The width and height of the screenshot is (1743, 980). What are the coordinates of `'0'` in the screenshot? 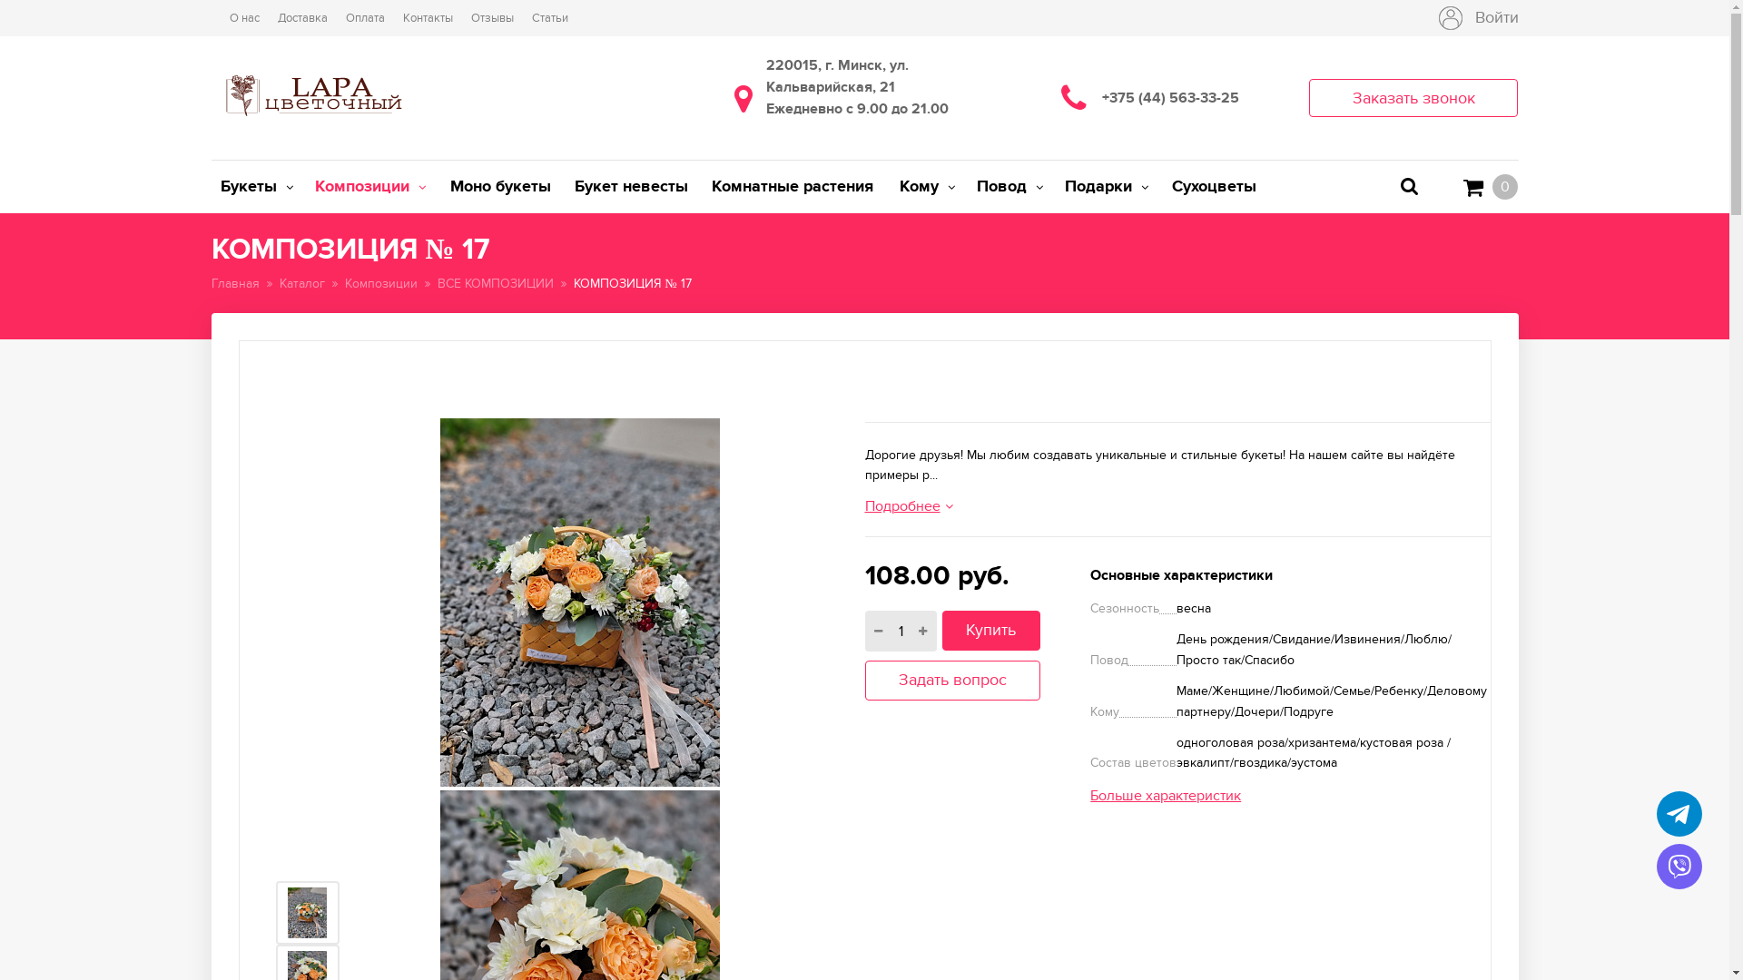 It's located at (1490, 186).